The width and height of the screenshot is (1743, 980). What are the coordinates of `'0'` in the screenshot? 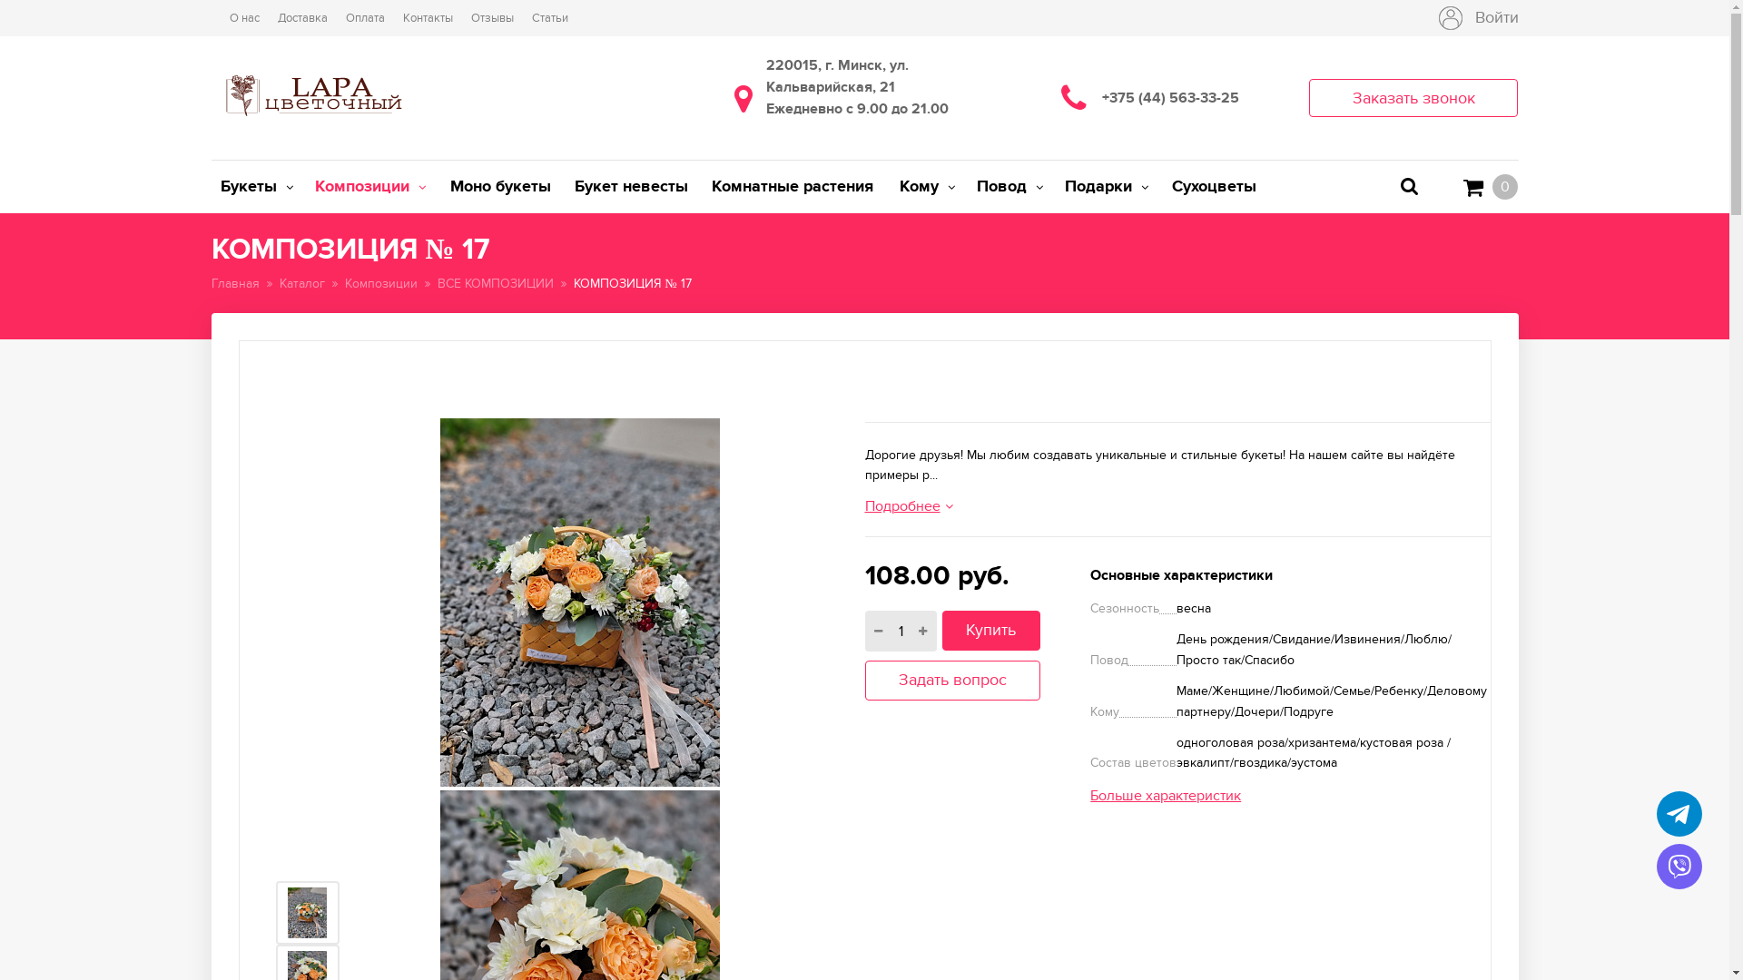 It's located at (1490, 186).